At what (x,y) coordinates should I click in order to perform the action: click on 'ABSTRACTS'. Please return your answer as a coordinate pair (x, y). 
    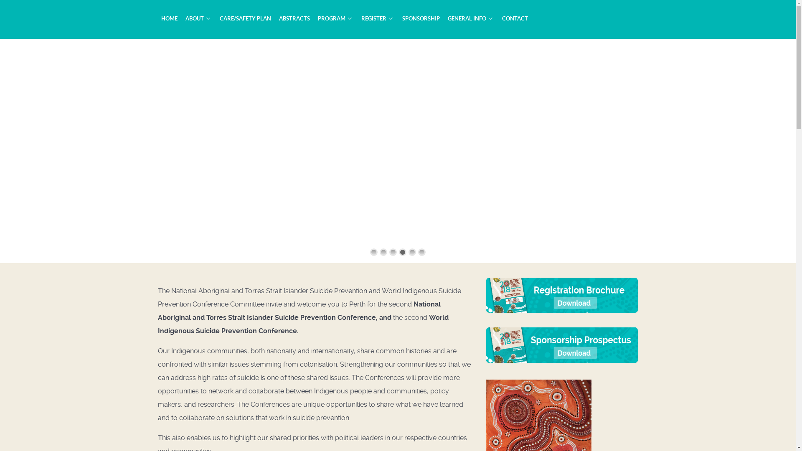
    Looking at the image, I should click on (294, 18).